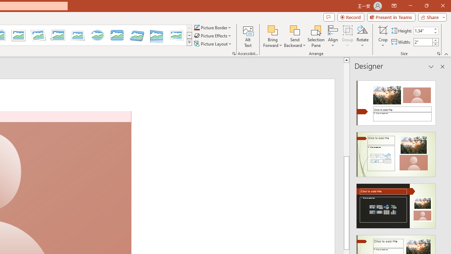  What do you see at coordinates (435, 40) in the screenshot?
I see `'More'` at bounding box center [435, 40].